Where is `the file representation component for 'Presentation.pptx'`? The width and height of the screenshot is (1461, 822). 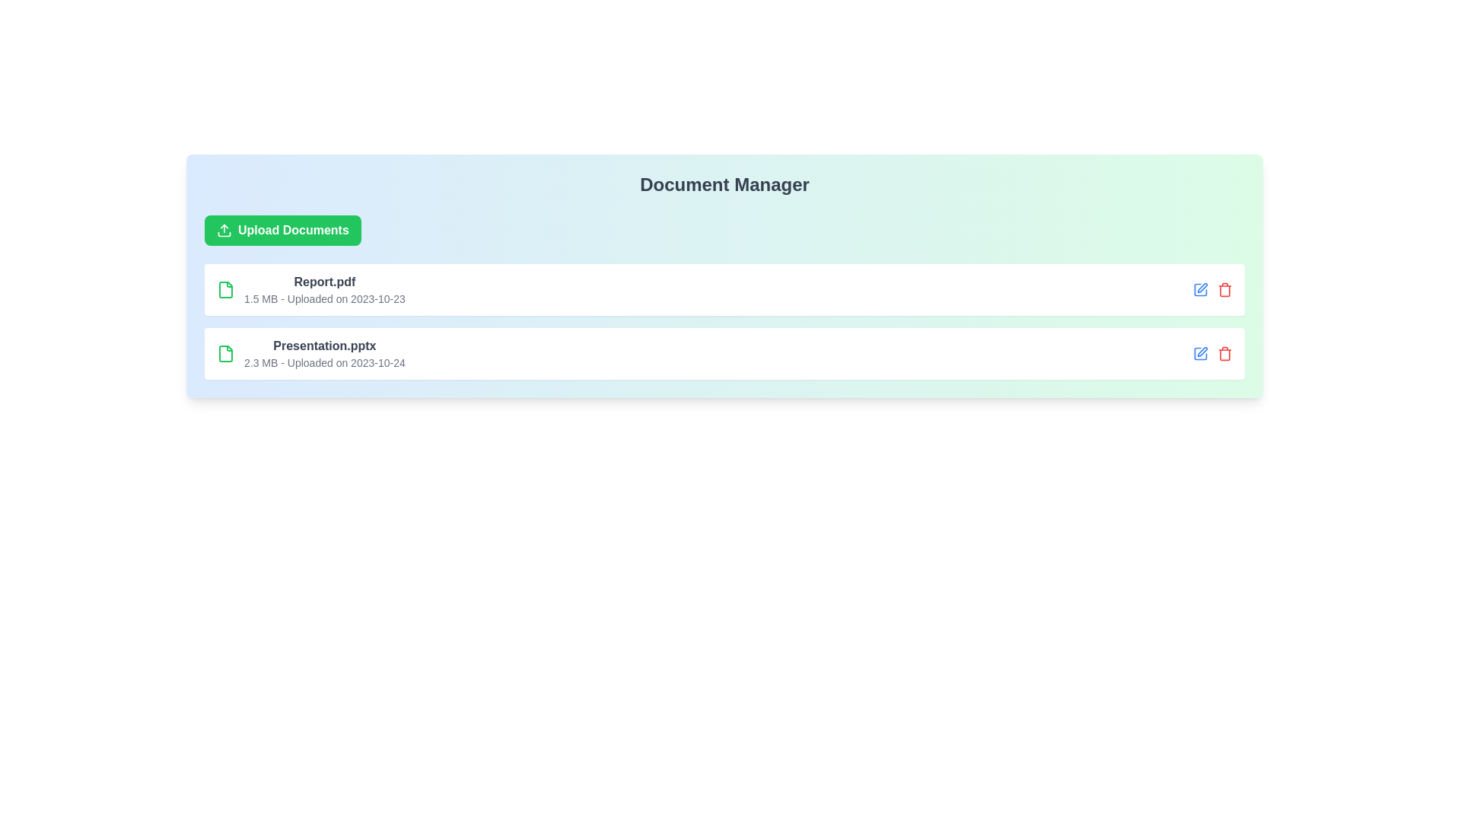
the file representation component for 'Presentation.pptx' is located at coordinates (310, 354).